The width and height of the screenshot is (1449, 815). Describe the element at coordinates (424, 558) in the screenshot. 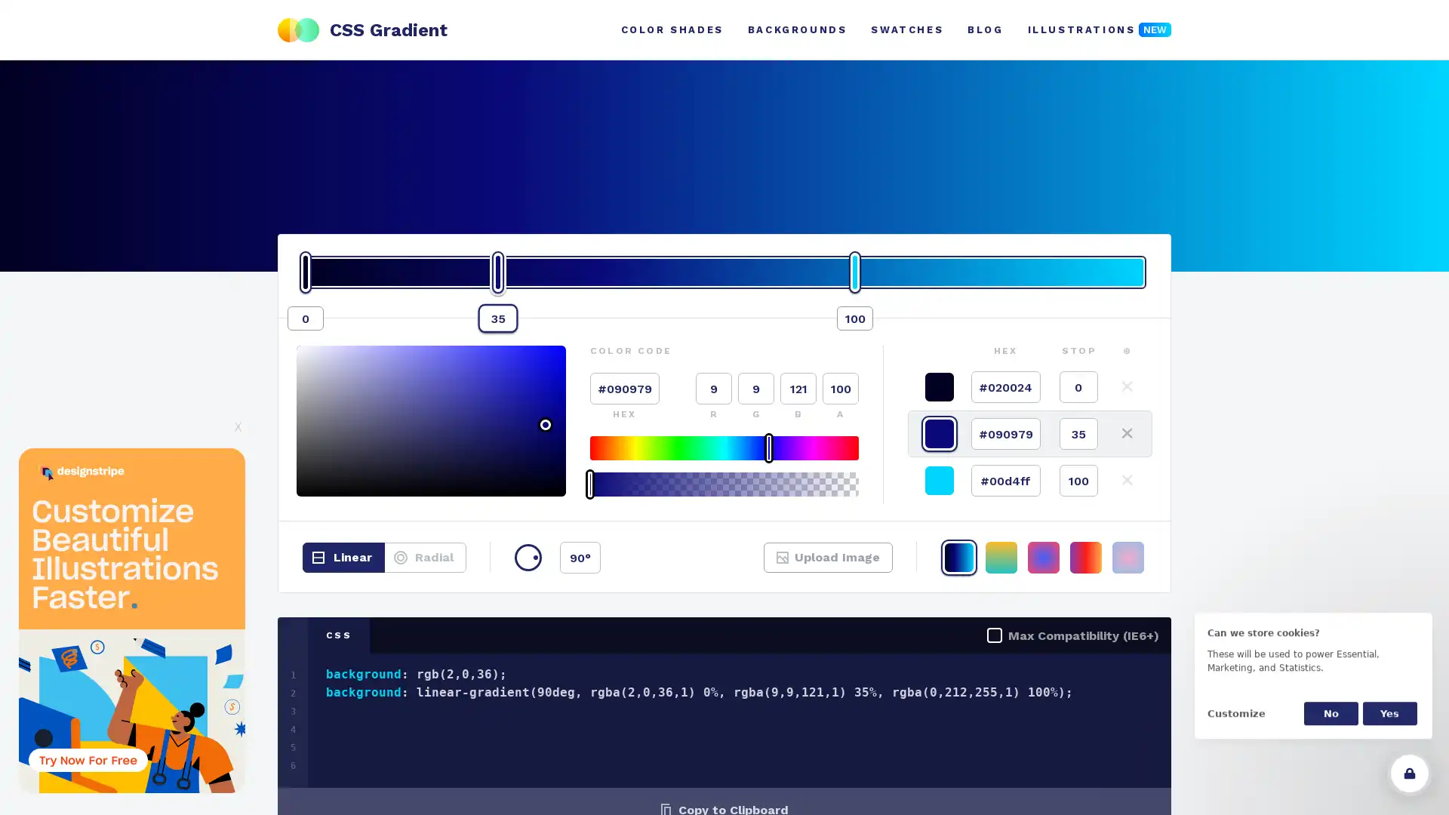

I see `Radial` at that location.